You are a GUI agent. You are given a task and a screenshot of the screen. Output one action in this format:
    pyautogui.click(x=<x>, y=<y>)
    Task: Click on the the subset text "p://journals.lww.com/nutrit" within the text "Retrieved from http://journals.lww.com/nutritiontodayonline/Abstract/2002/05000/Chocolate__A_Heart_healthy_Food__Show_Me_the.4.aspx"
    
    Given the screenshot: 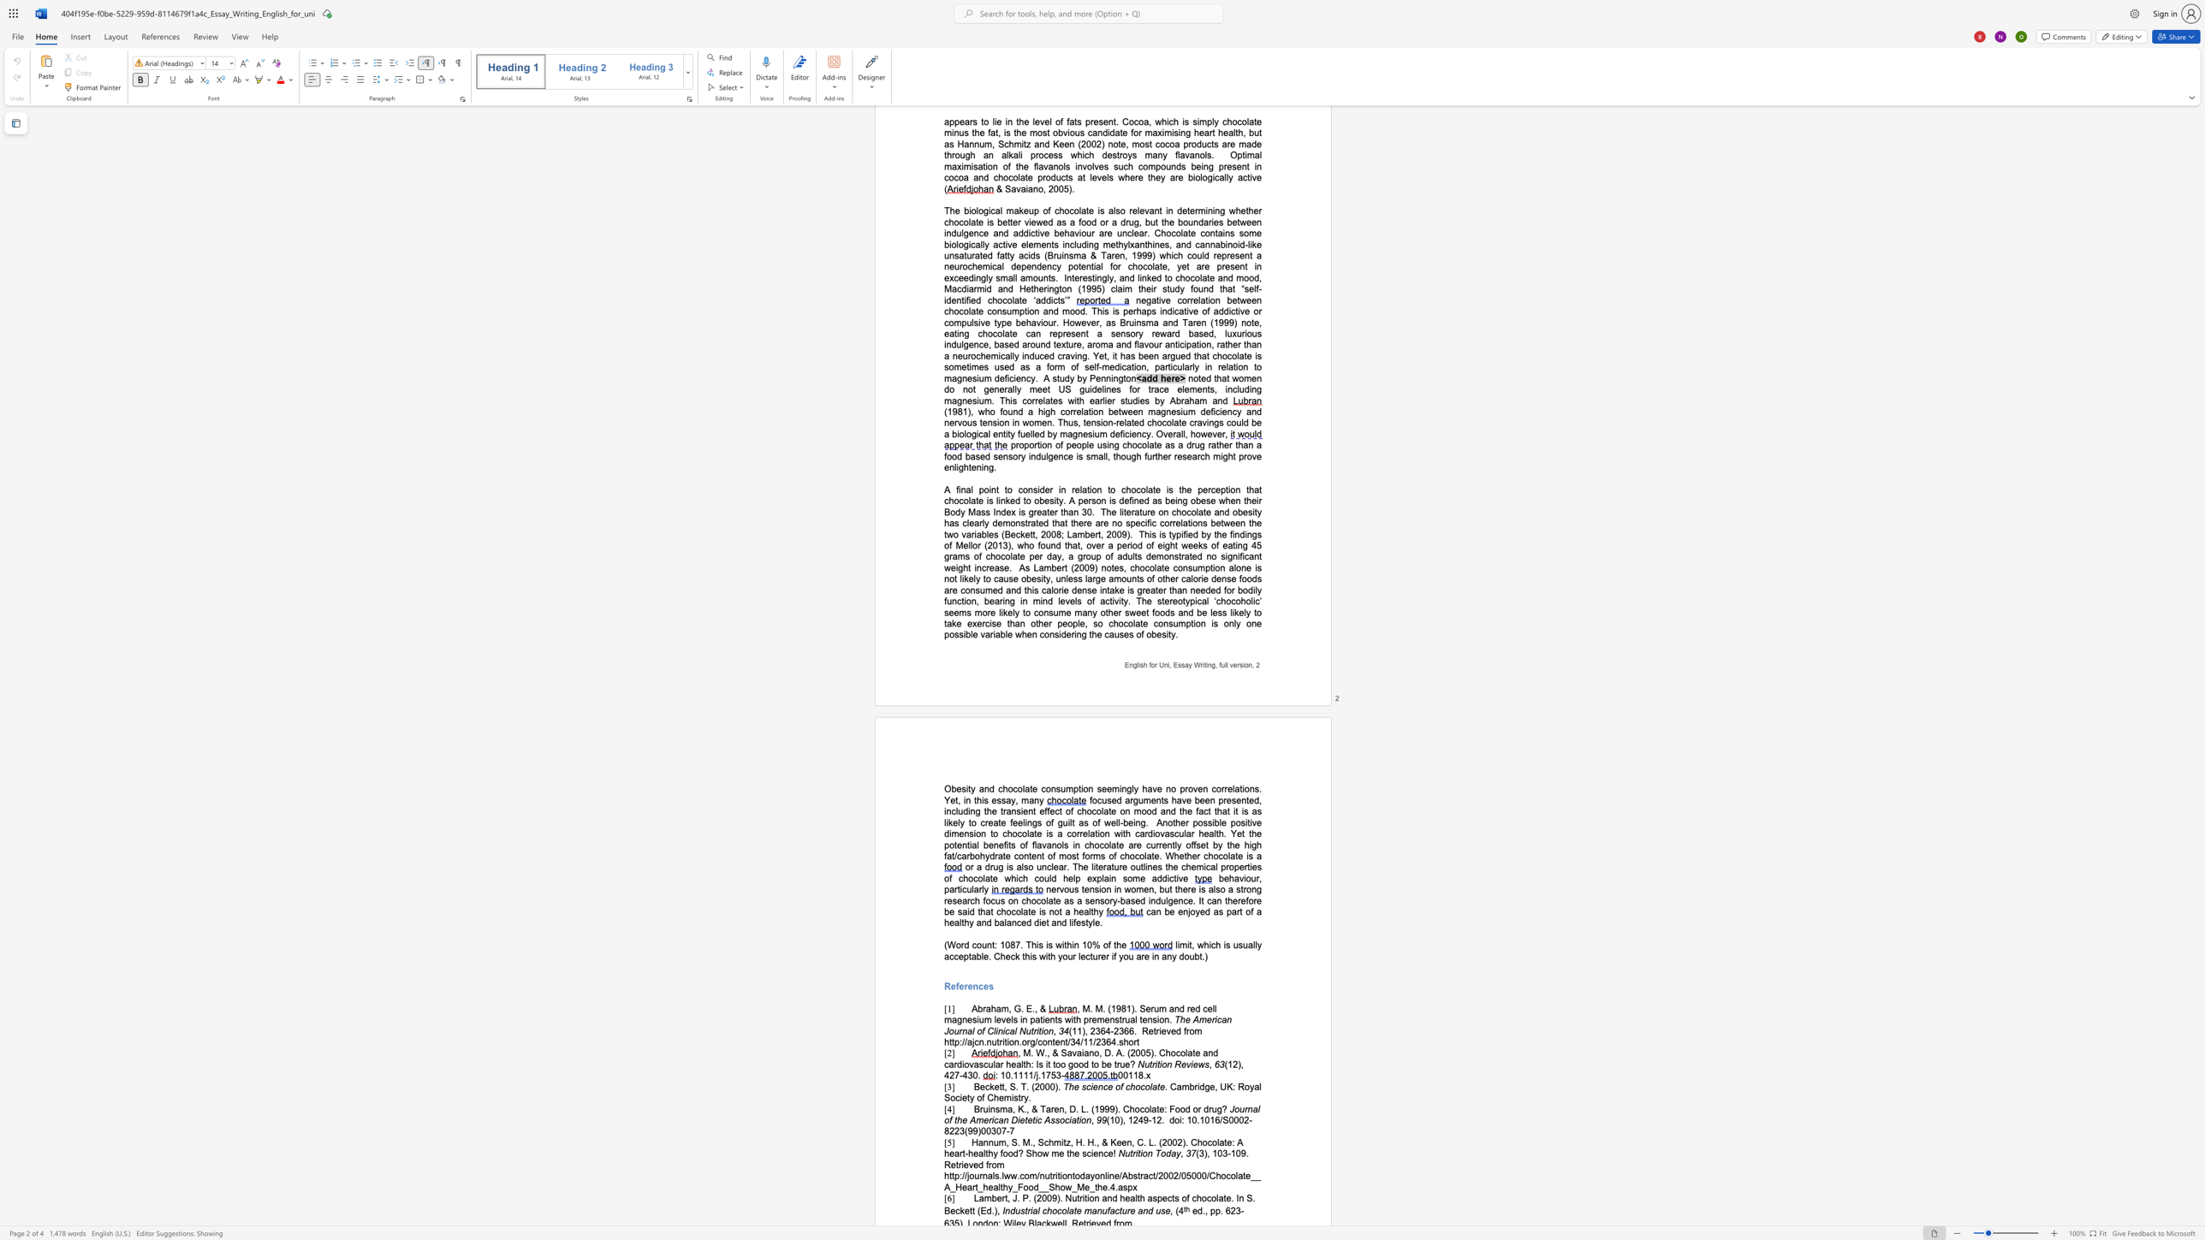 What is the action you would take?
    pyautogui.click(x=954, y=1175)
    